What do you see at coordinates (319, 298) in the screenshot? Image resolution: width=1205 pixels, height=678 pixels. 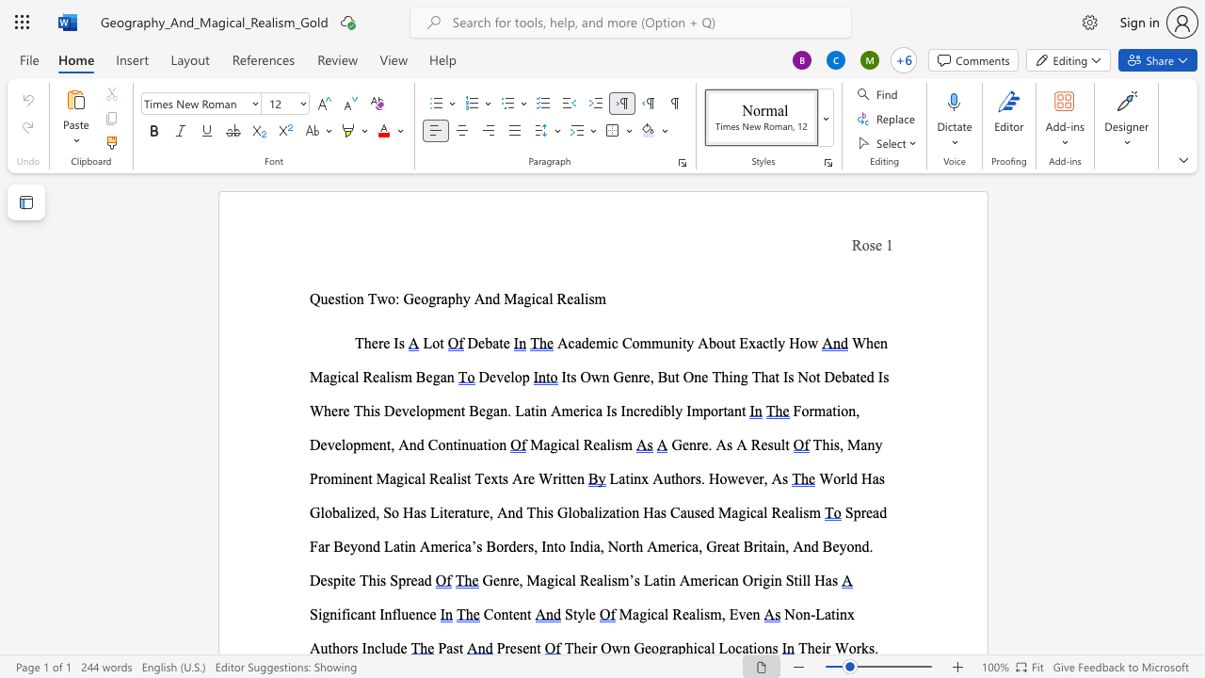 I see `the space between the continuous character "Q" and "u" in the text` at bounding box center [319, 298].